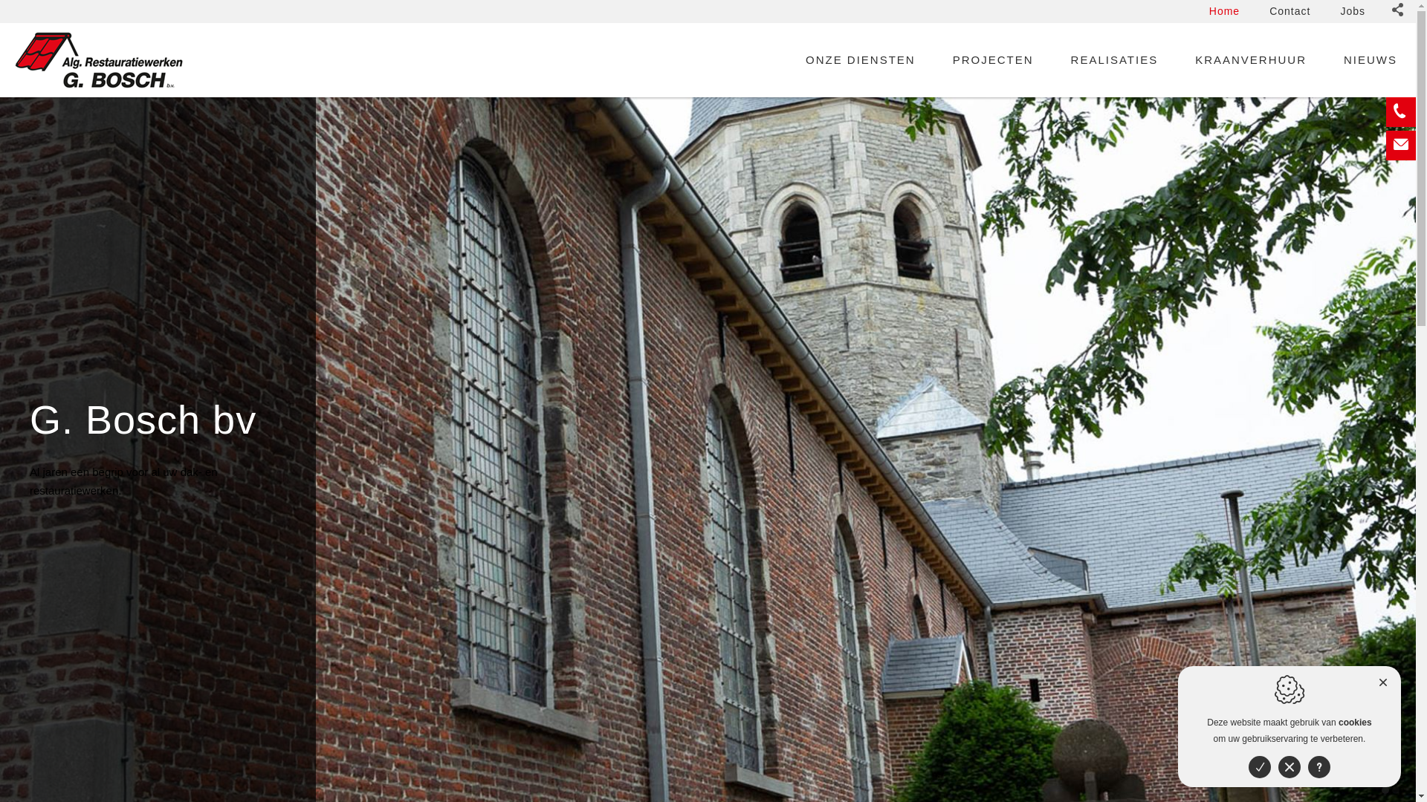 This screenshot has height=802, width=1427. What do you see at coordinates (1289, 11) in the screenshot?
I see `'Contact'` at bounding box center [1289, 11].